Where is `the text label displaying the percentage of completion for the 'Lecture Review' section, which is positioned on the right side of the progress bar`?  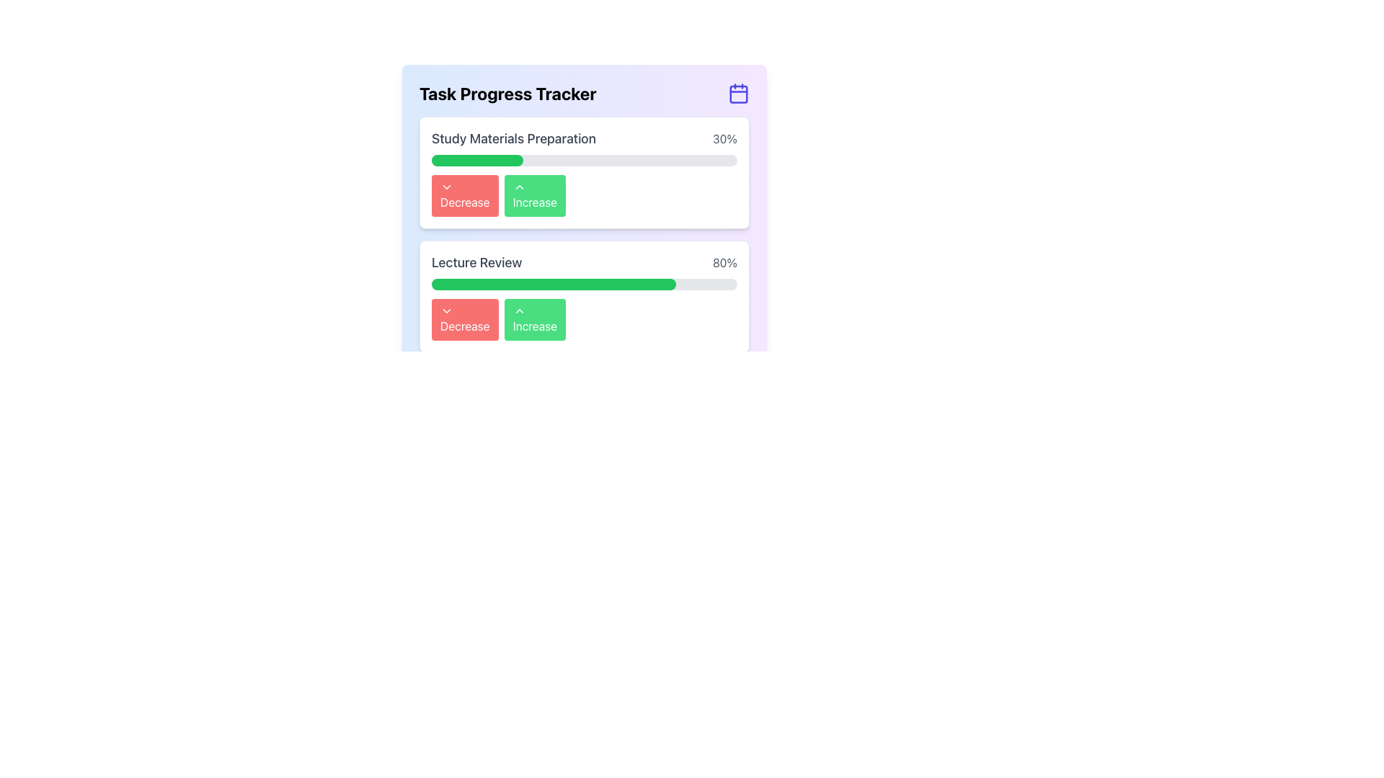 the text label displaying the percentage of completion for the 'Lecture Review' section, which is positioned on the right side of the progress bar is located at coordinates (724, 263).